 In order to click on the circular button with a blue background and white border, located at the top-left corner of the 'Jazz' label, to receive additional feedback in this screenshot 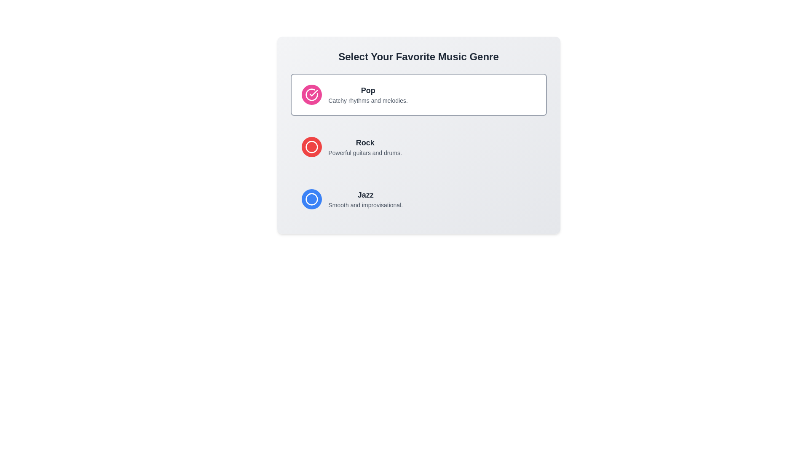, I will do `click(311, 199)`.